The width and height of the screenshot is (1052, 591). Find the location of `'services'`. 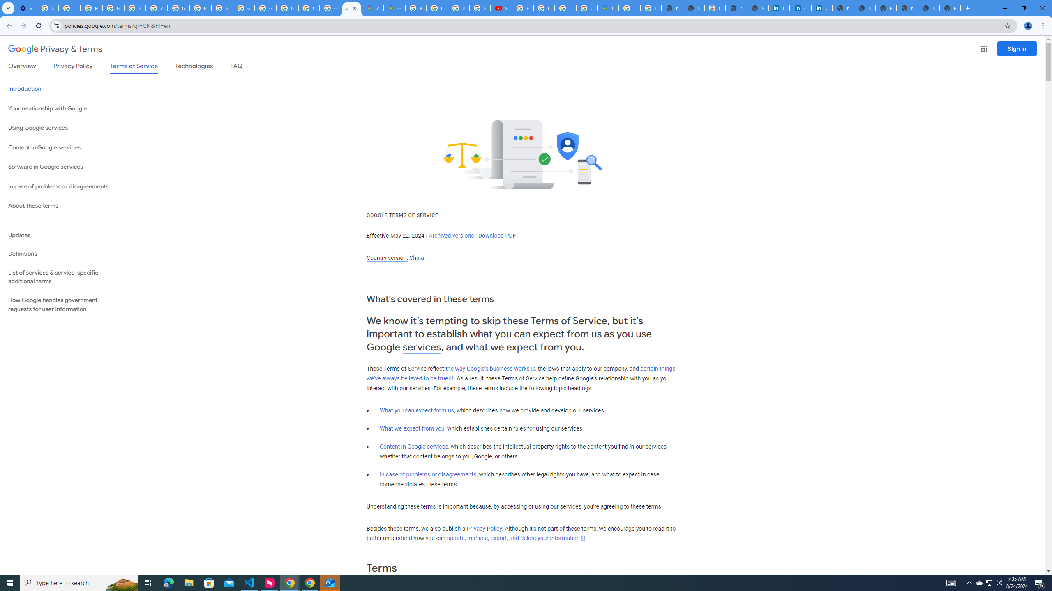

'services' is located at coordinates (422, 347).